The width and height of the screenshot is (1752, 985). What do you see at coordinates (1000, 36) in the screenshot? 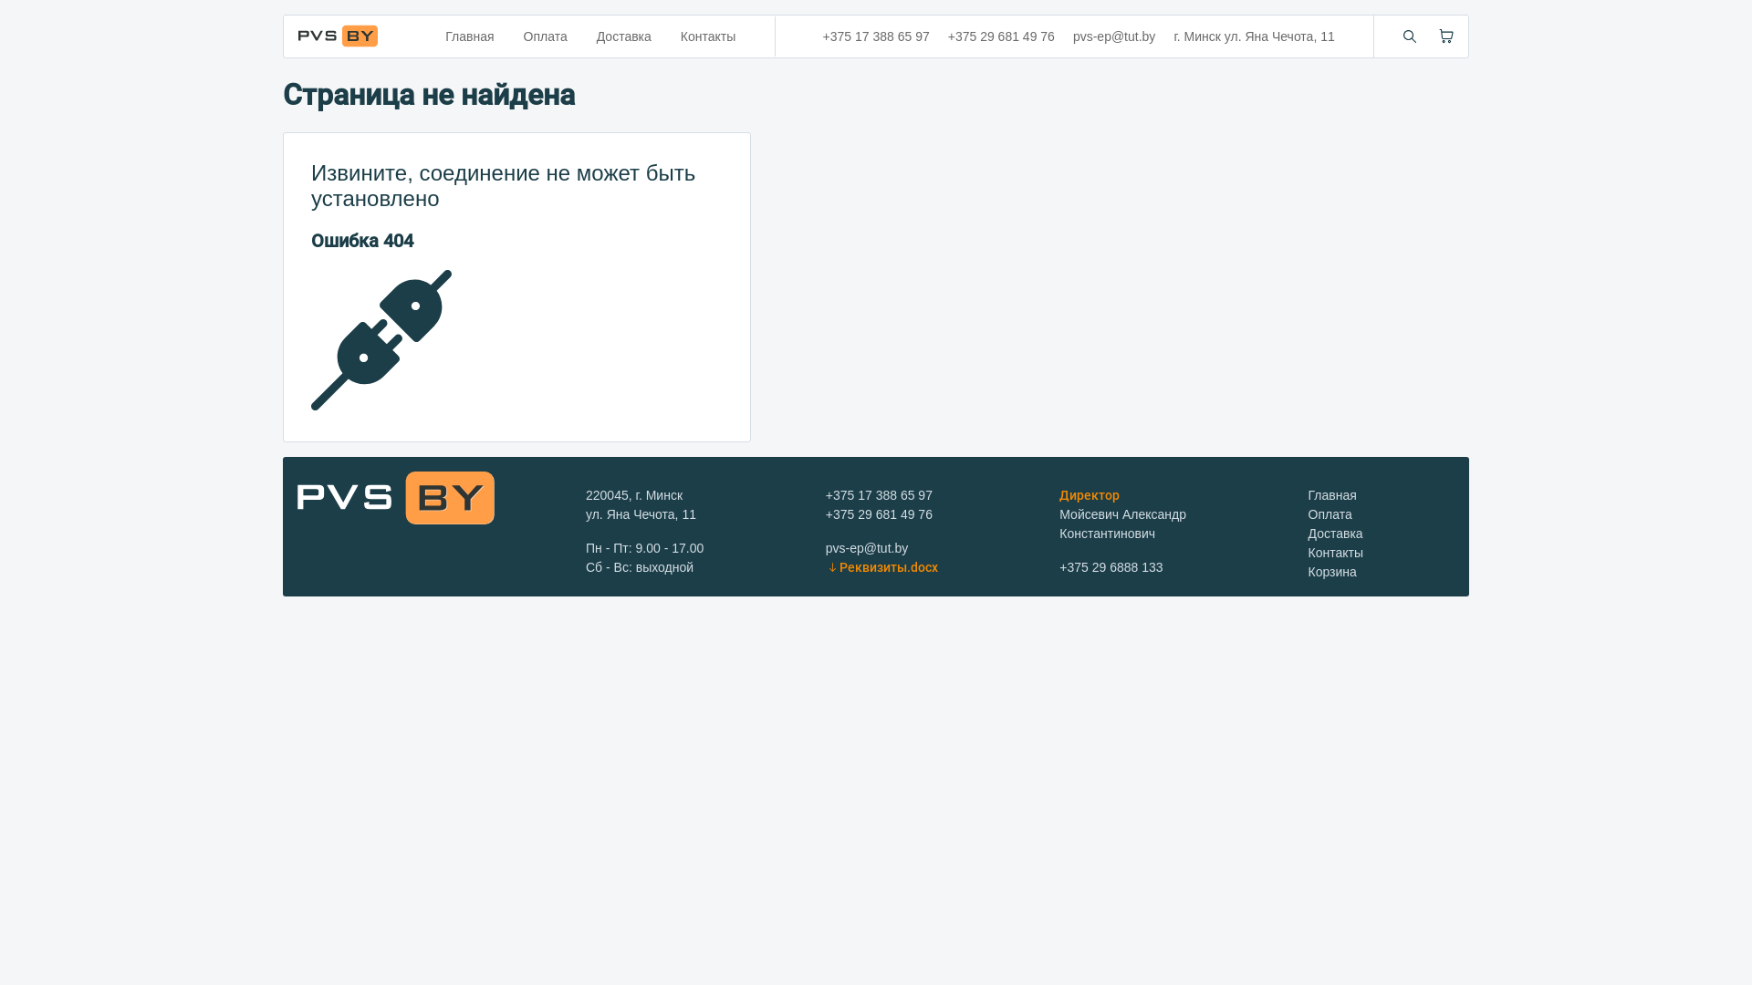
I see `'+375 29 681 49 76'` at bounding box center [1000, 36].